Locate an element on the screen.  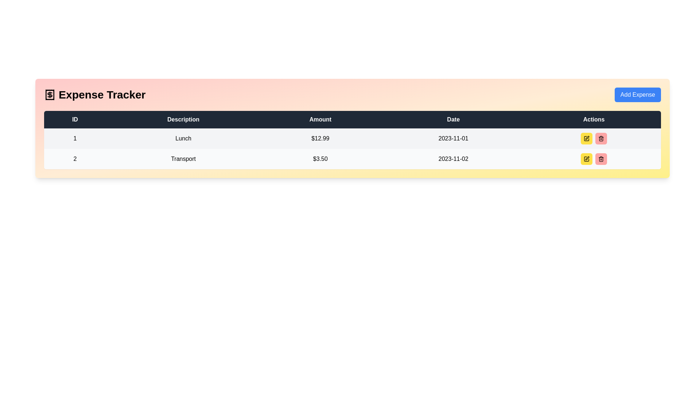
the static text element displaying the number '1' in the first row of the 'ID' column of the table is located at coordinates (75, 139).